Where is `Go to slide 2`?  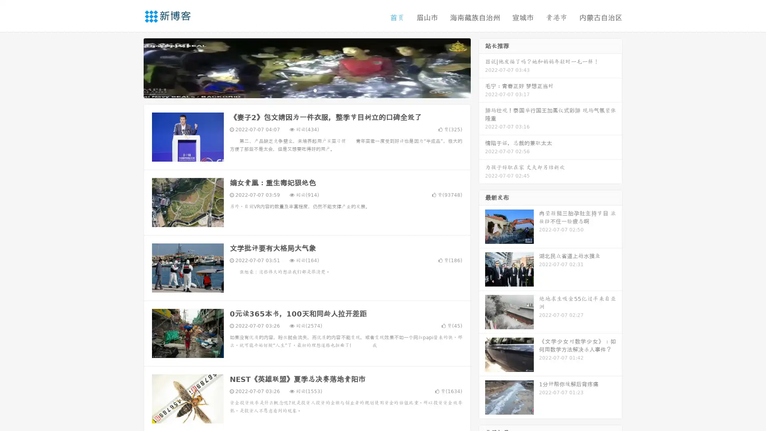 Go to slide 2 is located at coordinates (306, 90).